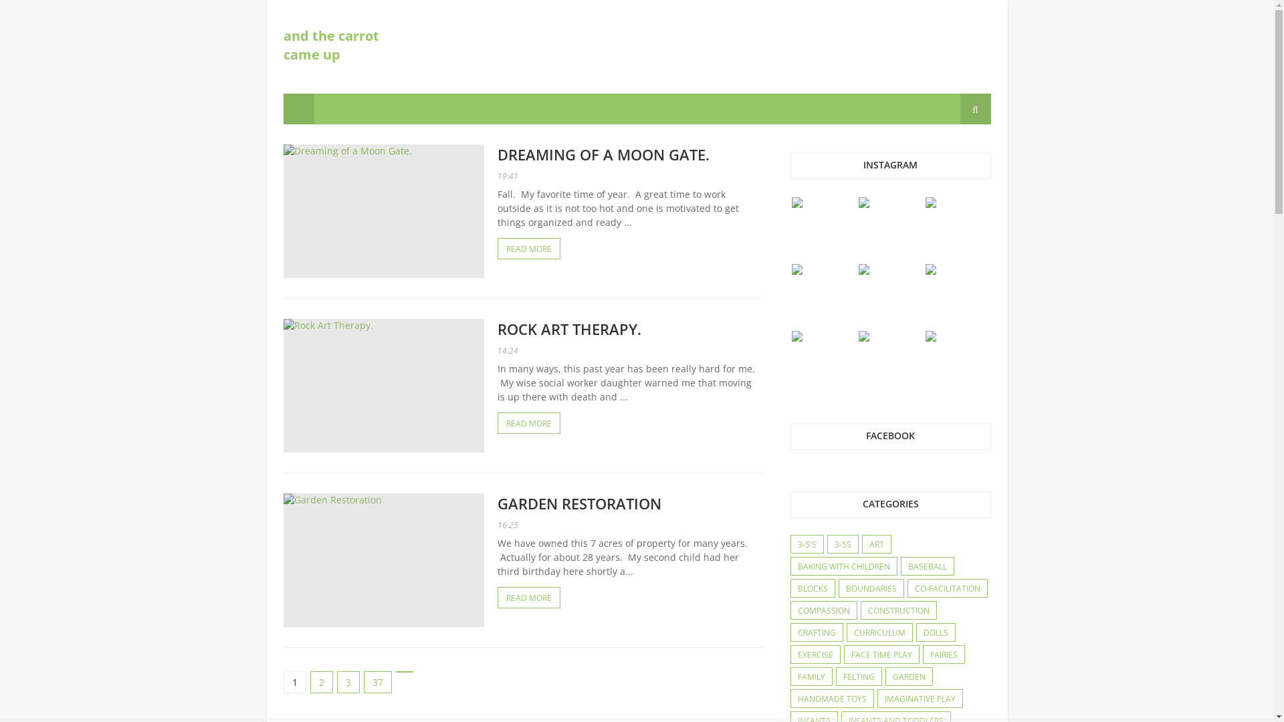 The image size is (1284, 722). What do you see at coordinates (870, 588) in the screenshot?
I see `'BOUNDARIES'` at bounding box center [870, 588].